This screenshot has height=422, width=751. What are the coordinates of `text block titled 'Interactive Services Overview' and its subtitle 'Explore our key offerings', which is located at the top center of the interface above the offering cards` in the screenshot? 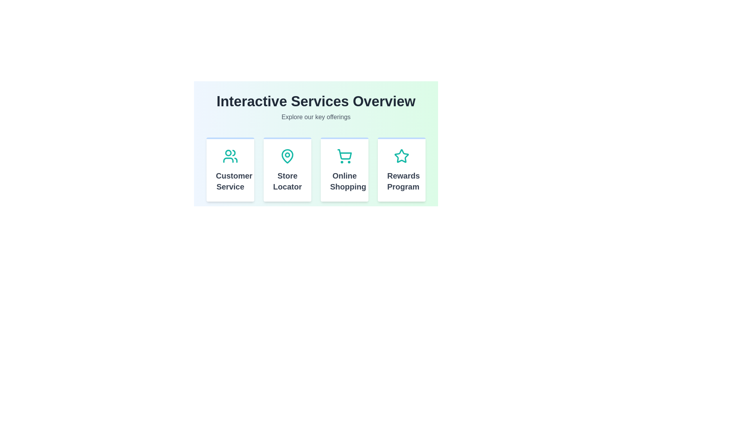 It's located at (316, 108).